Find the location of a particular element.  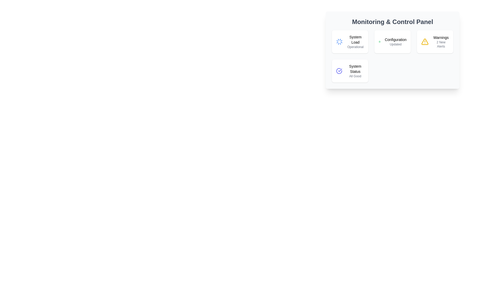

the 'Operational' status indicator text label located under the 'System Load' text in the Monitoring & Control Panel interface is located at coordinates (355, 47).